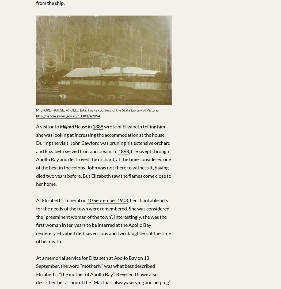  I want to click on 'At a memorial service for Elizabeth at Apollo Bay on', so click(90, 257).